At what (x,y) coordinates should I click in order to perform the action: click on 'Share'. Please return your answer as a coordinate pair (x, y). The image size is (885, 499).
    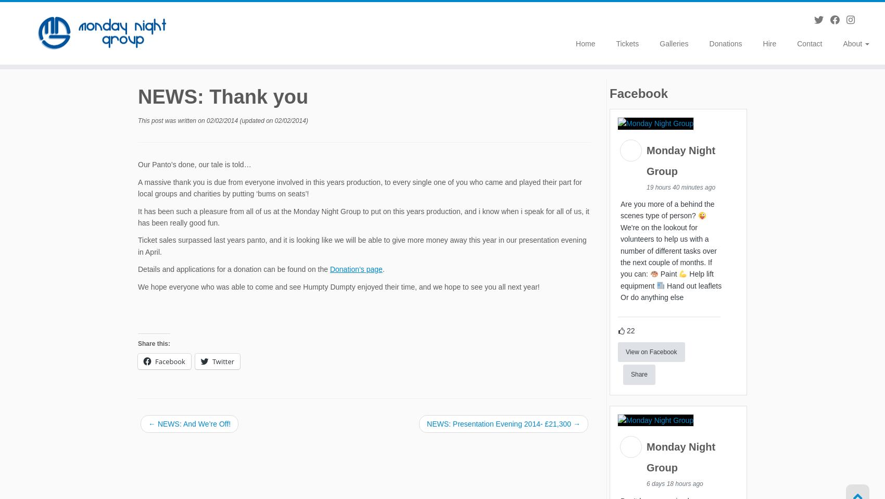
    Looking at the image, I should click on (639, 377).